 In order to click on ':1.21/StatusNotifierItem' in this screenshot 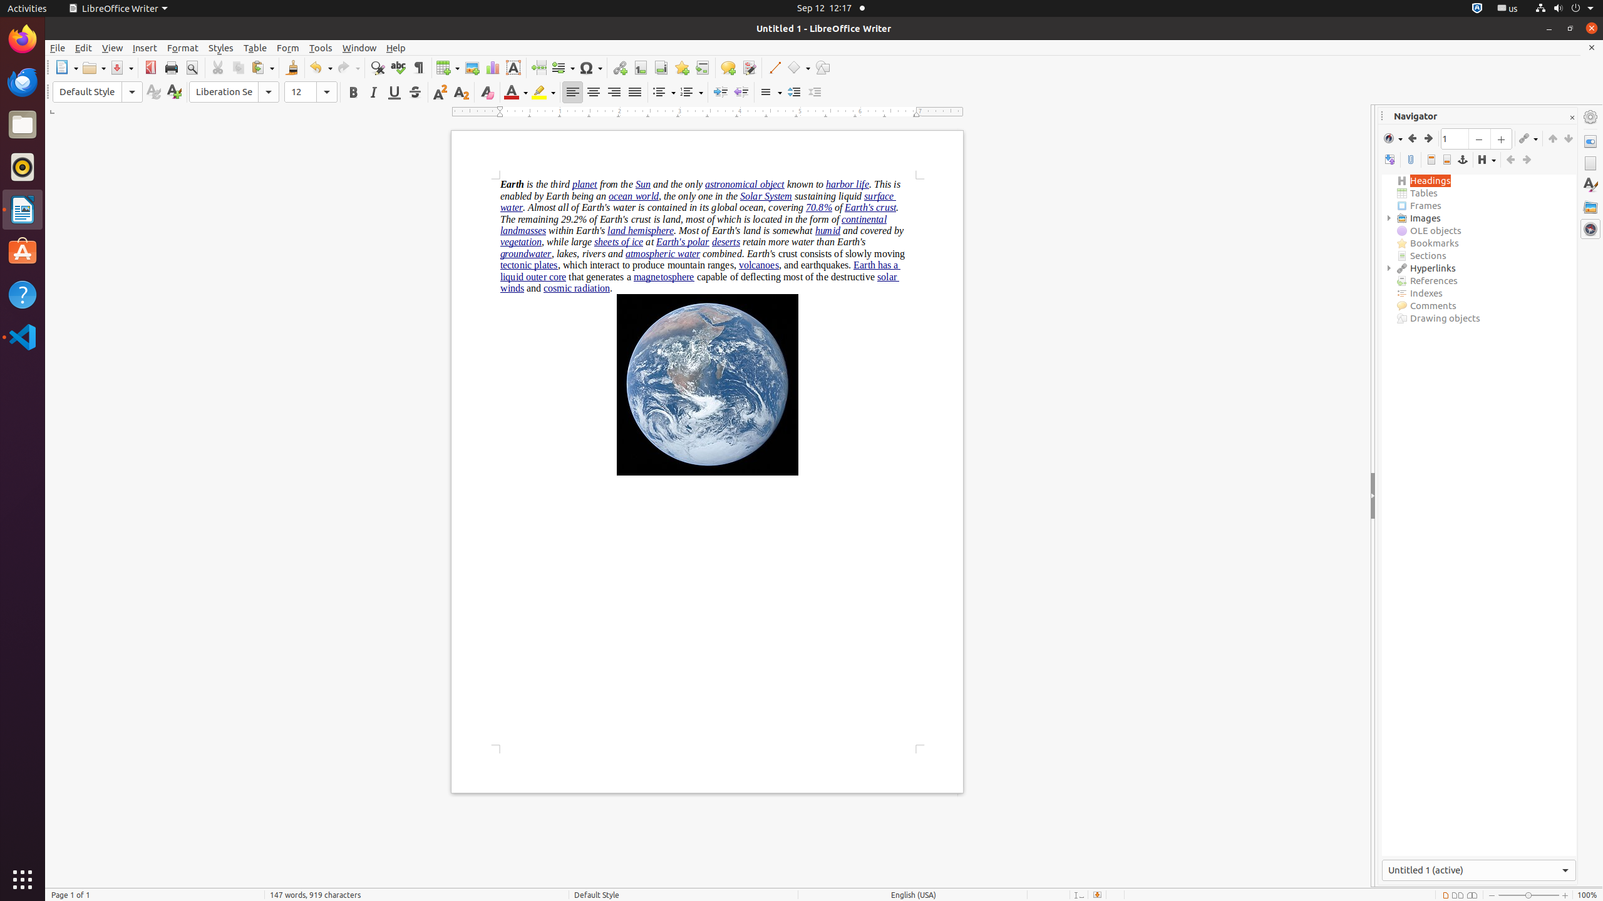, I will do `click(1507, 8)`.